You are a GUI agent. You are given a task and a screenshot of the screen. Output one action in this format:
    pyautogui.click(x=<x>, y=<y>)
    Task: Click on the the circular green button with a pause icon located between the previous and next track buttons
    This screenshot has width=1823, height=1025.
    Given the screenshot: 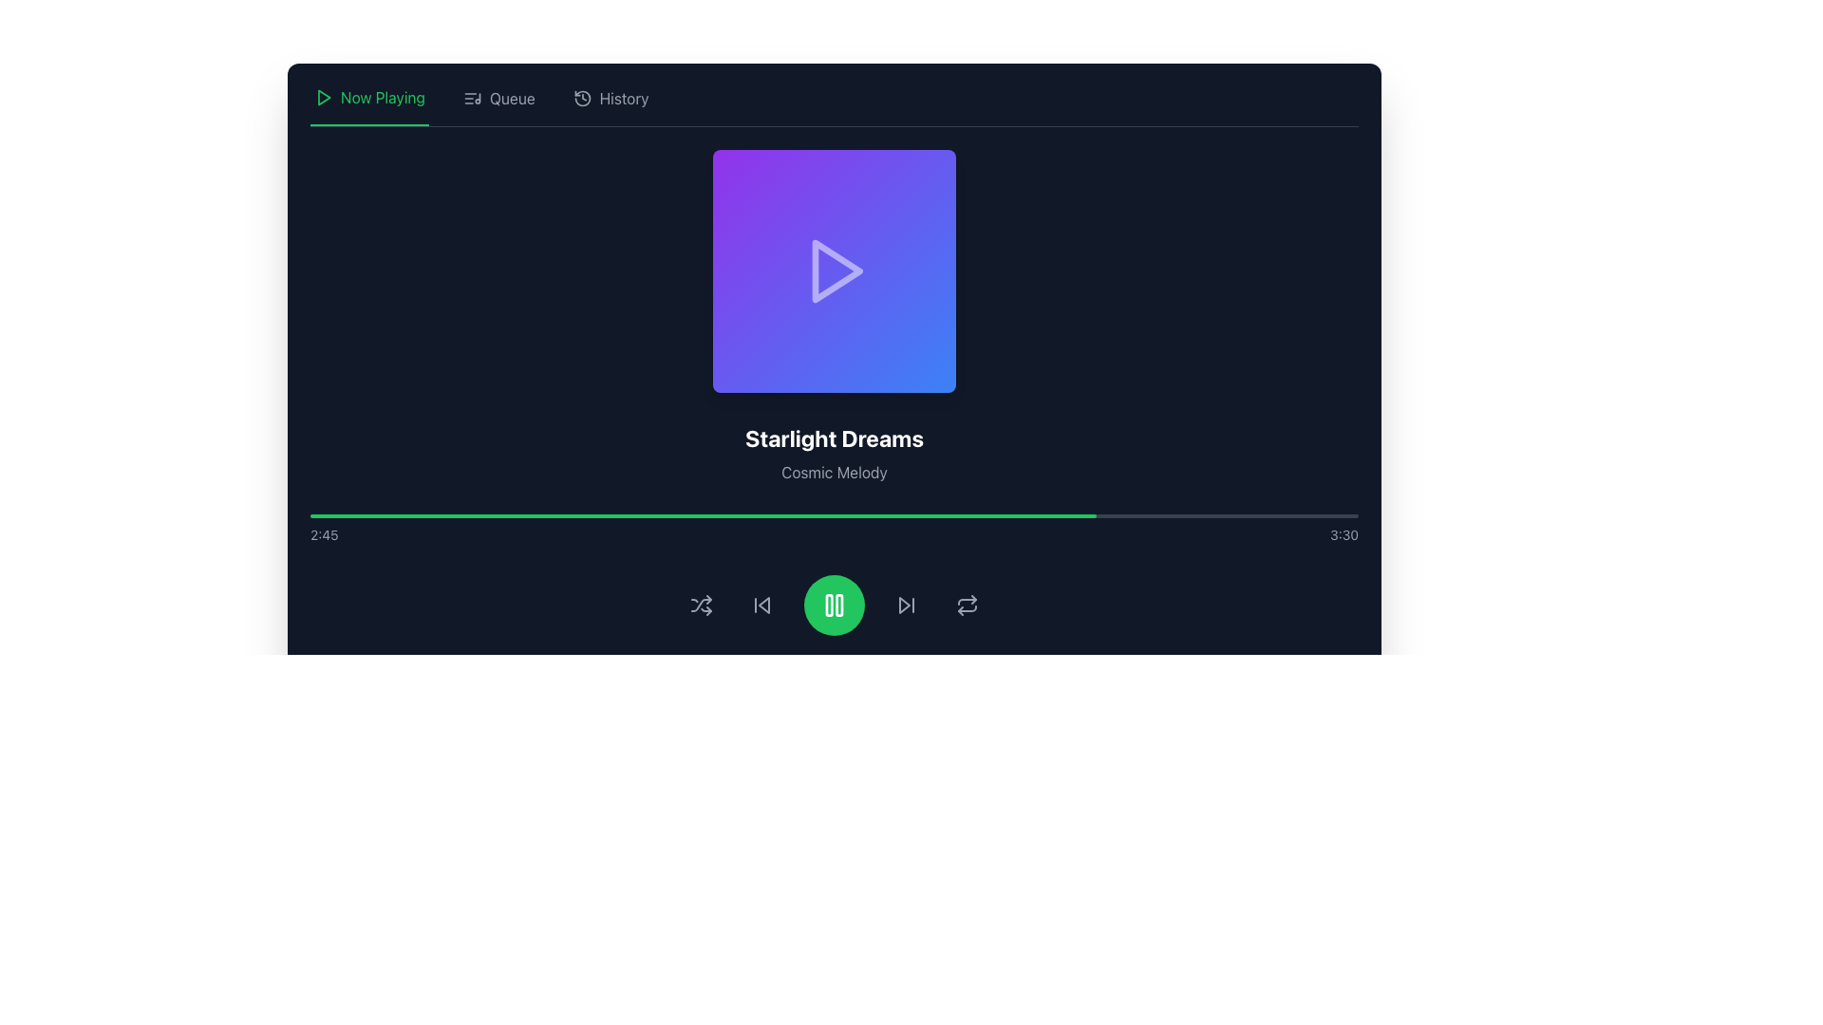 What is the action you would take?
    pyautogui.click(x=834, y=605)
    